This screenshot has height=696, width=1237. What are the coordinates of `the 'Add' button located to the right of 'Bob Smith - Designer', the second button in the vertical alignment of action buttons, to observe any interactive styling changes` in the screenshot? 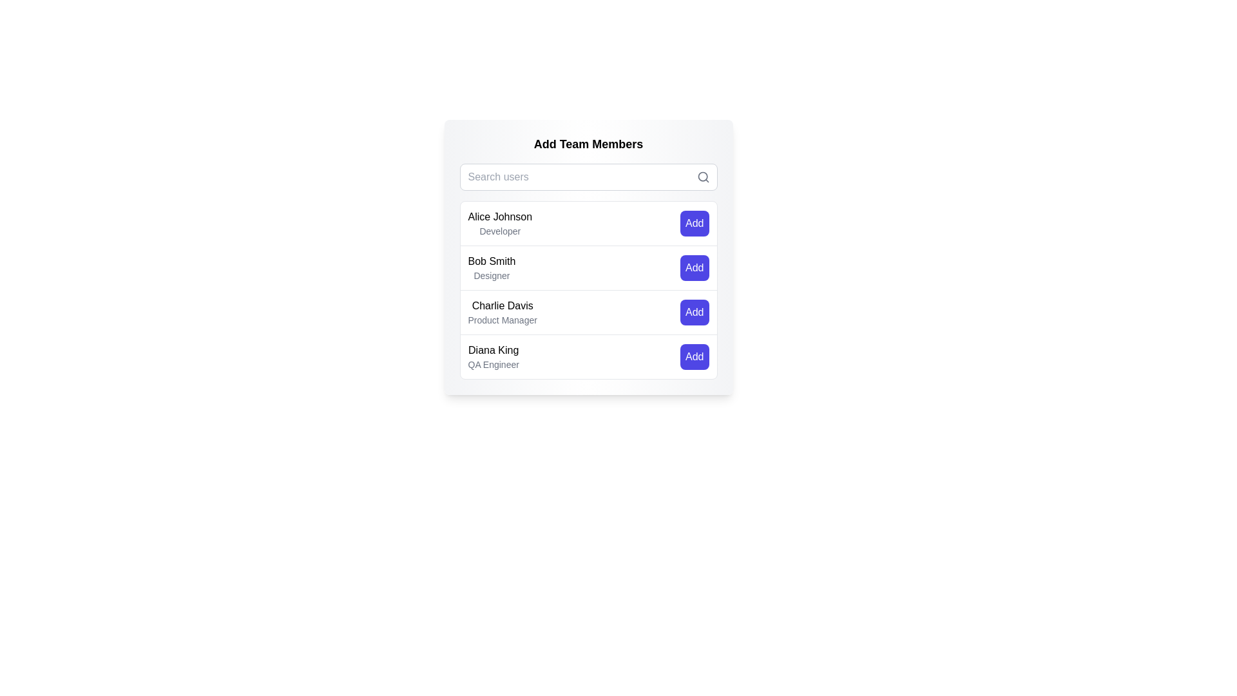 It's located at (694, 267).